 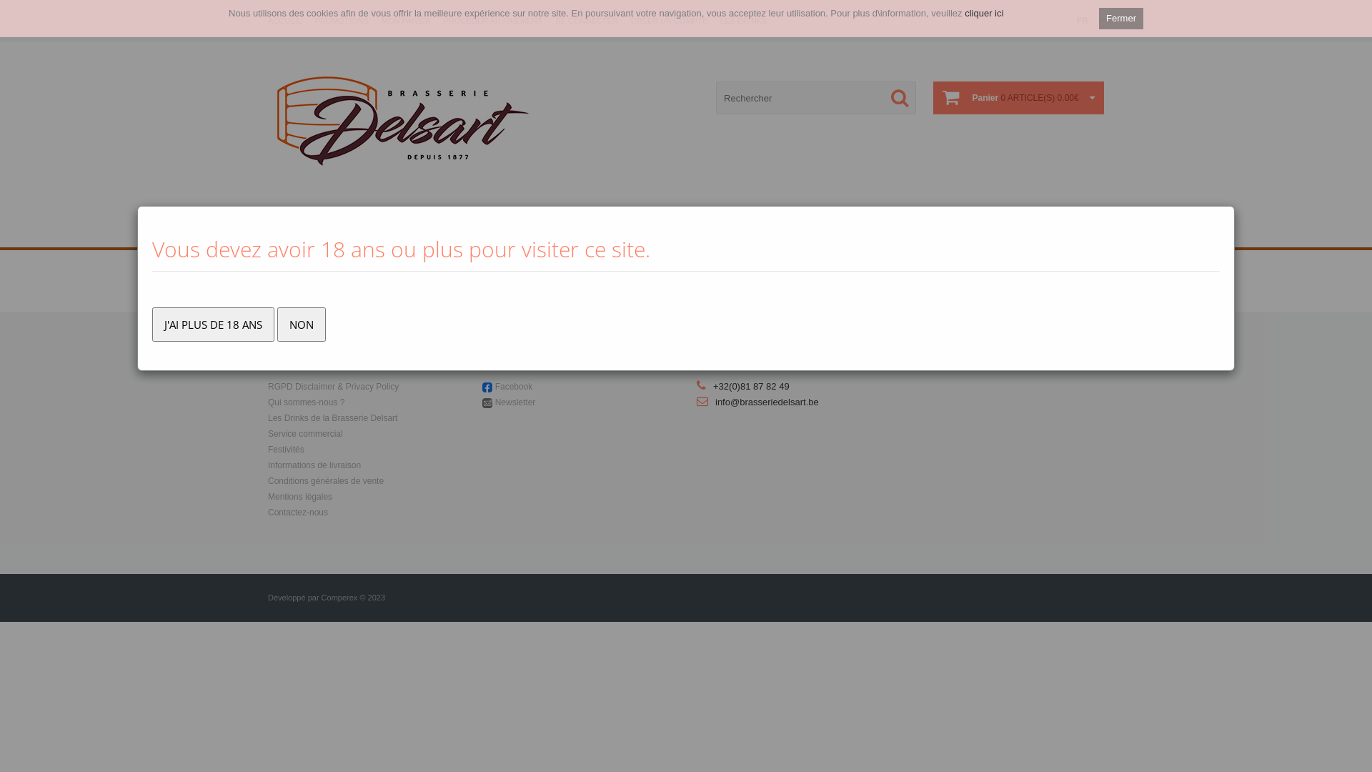 I want to click on 'RGPD Disclaimer & Privacy Policy', so click(x=332, y=386).